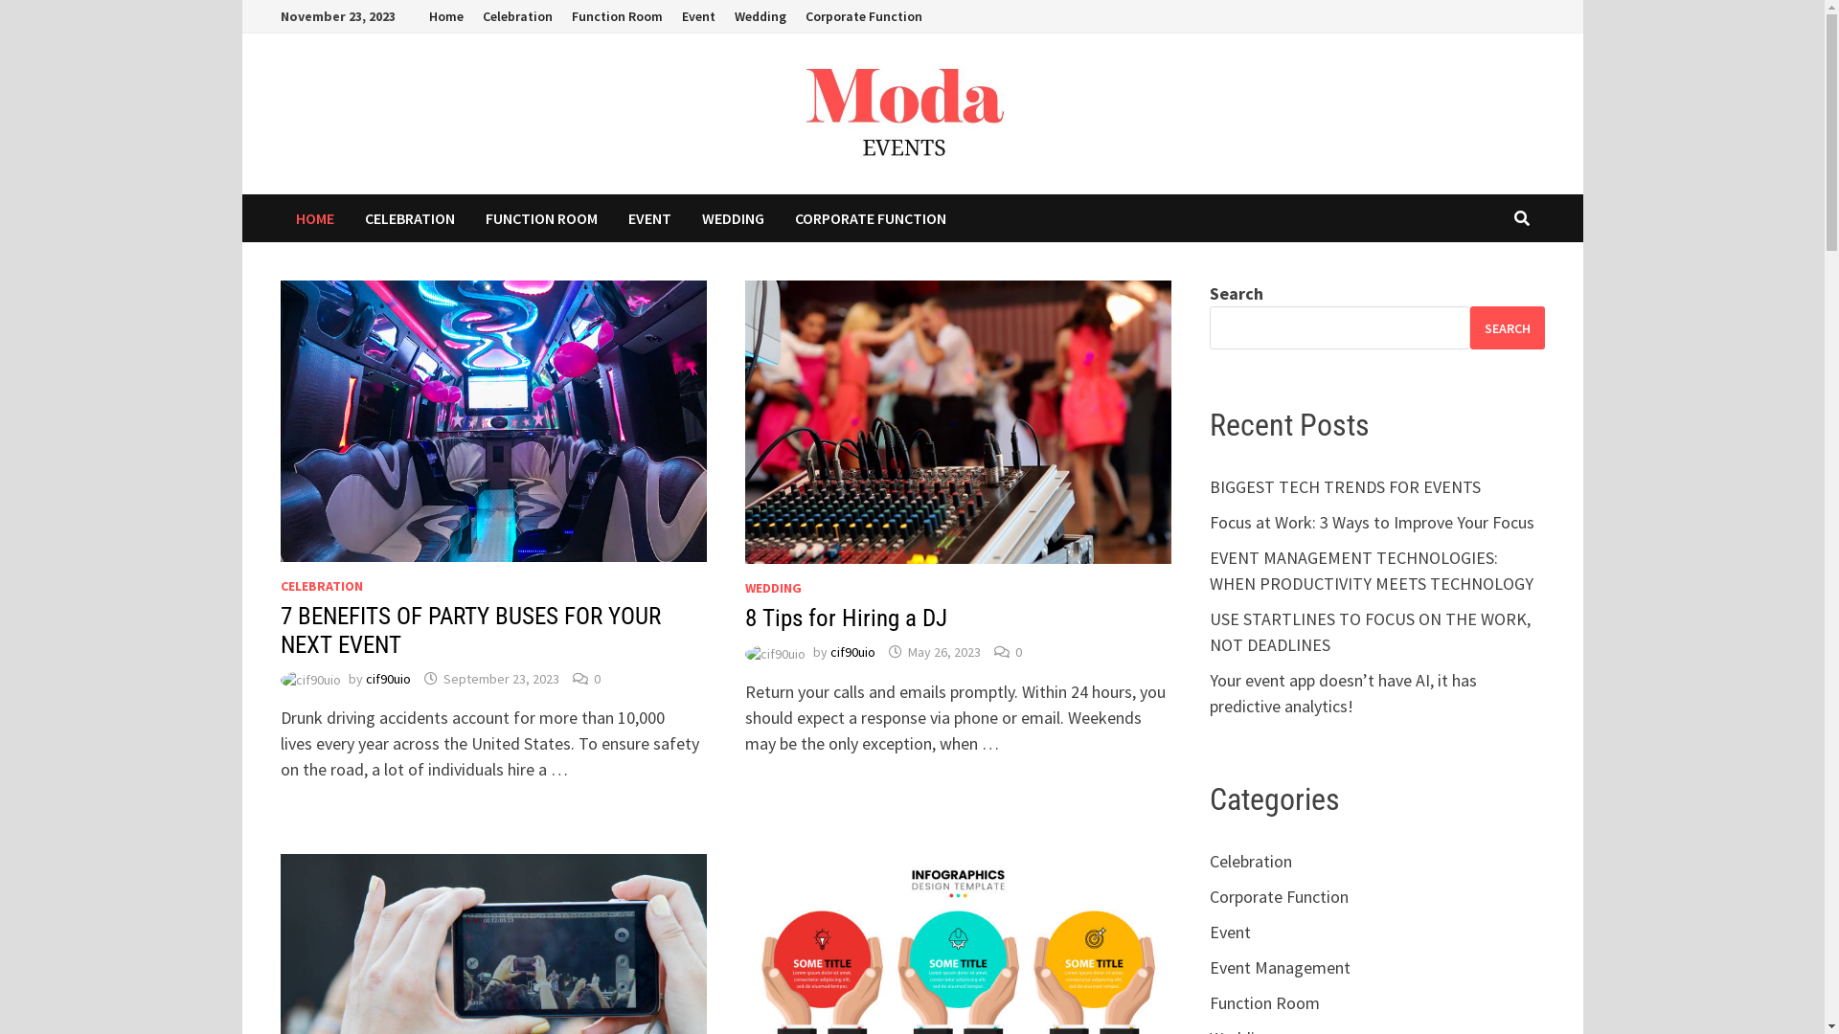 This screenshot has width=1839, height=1034. Describe the element at coordinates (559, 16) in the screenshot. I see `'Function Room'` at that location.